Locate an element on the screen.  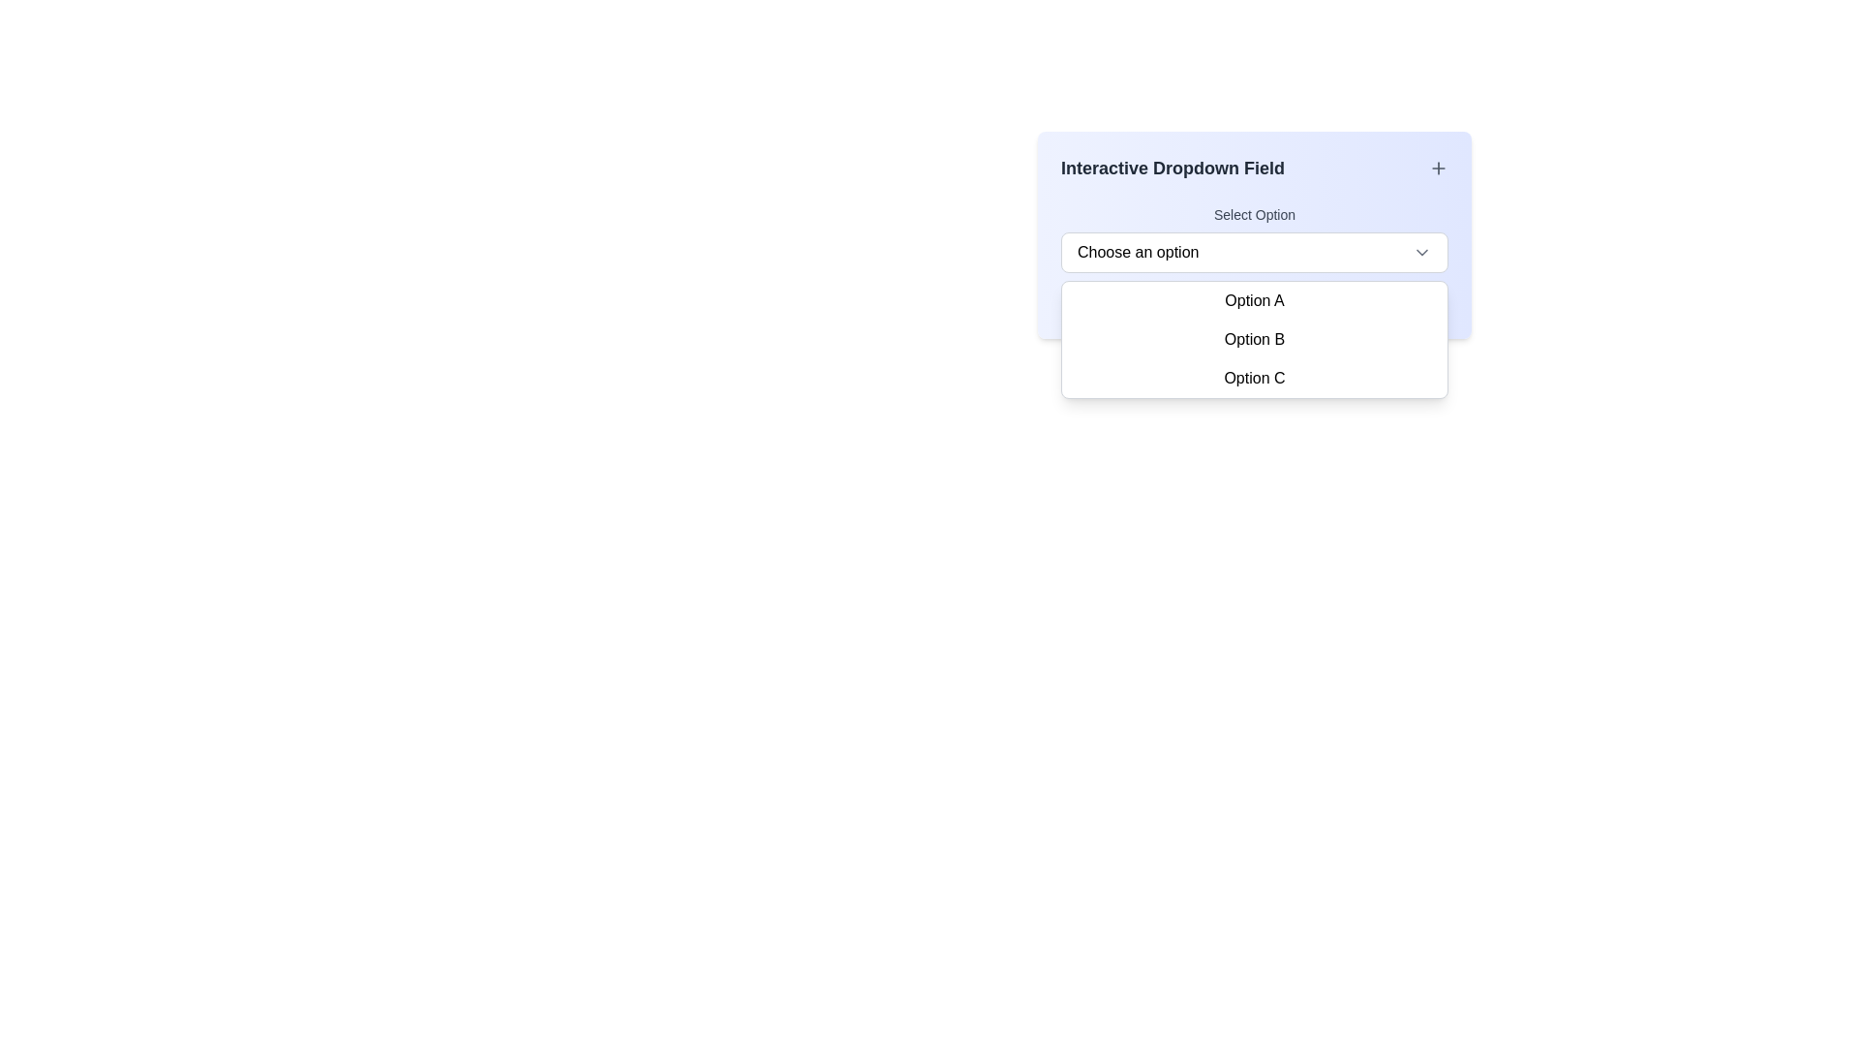
the second option in the dropdown menu labeled 'Option B' is located at coordinates (1255, 339).